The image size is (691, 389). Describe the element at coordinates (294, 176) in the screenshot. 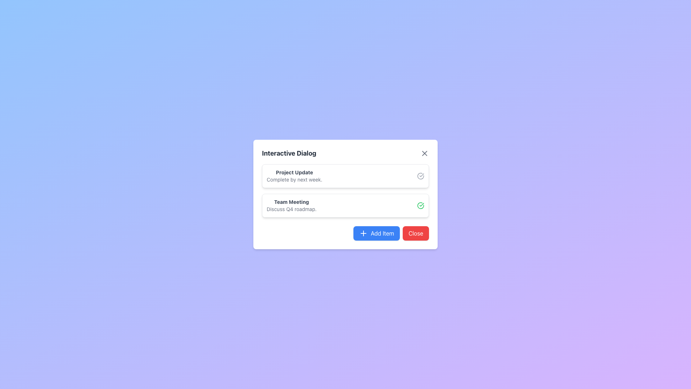

I see `text content from the first content block in the 'Interactive Dialog' that includes a heading and a subtext deadline, situated above the 'Team Meeting' block` at that location.